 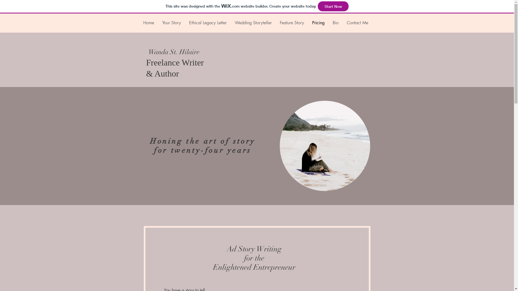 I want to click on 'Feature Story', so click(x=291, y=22).